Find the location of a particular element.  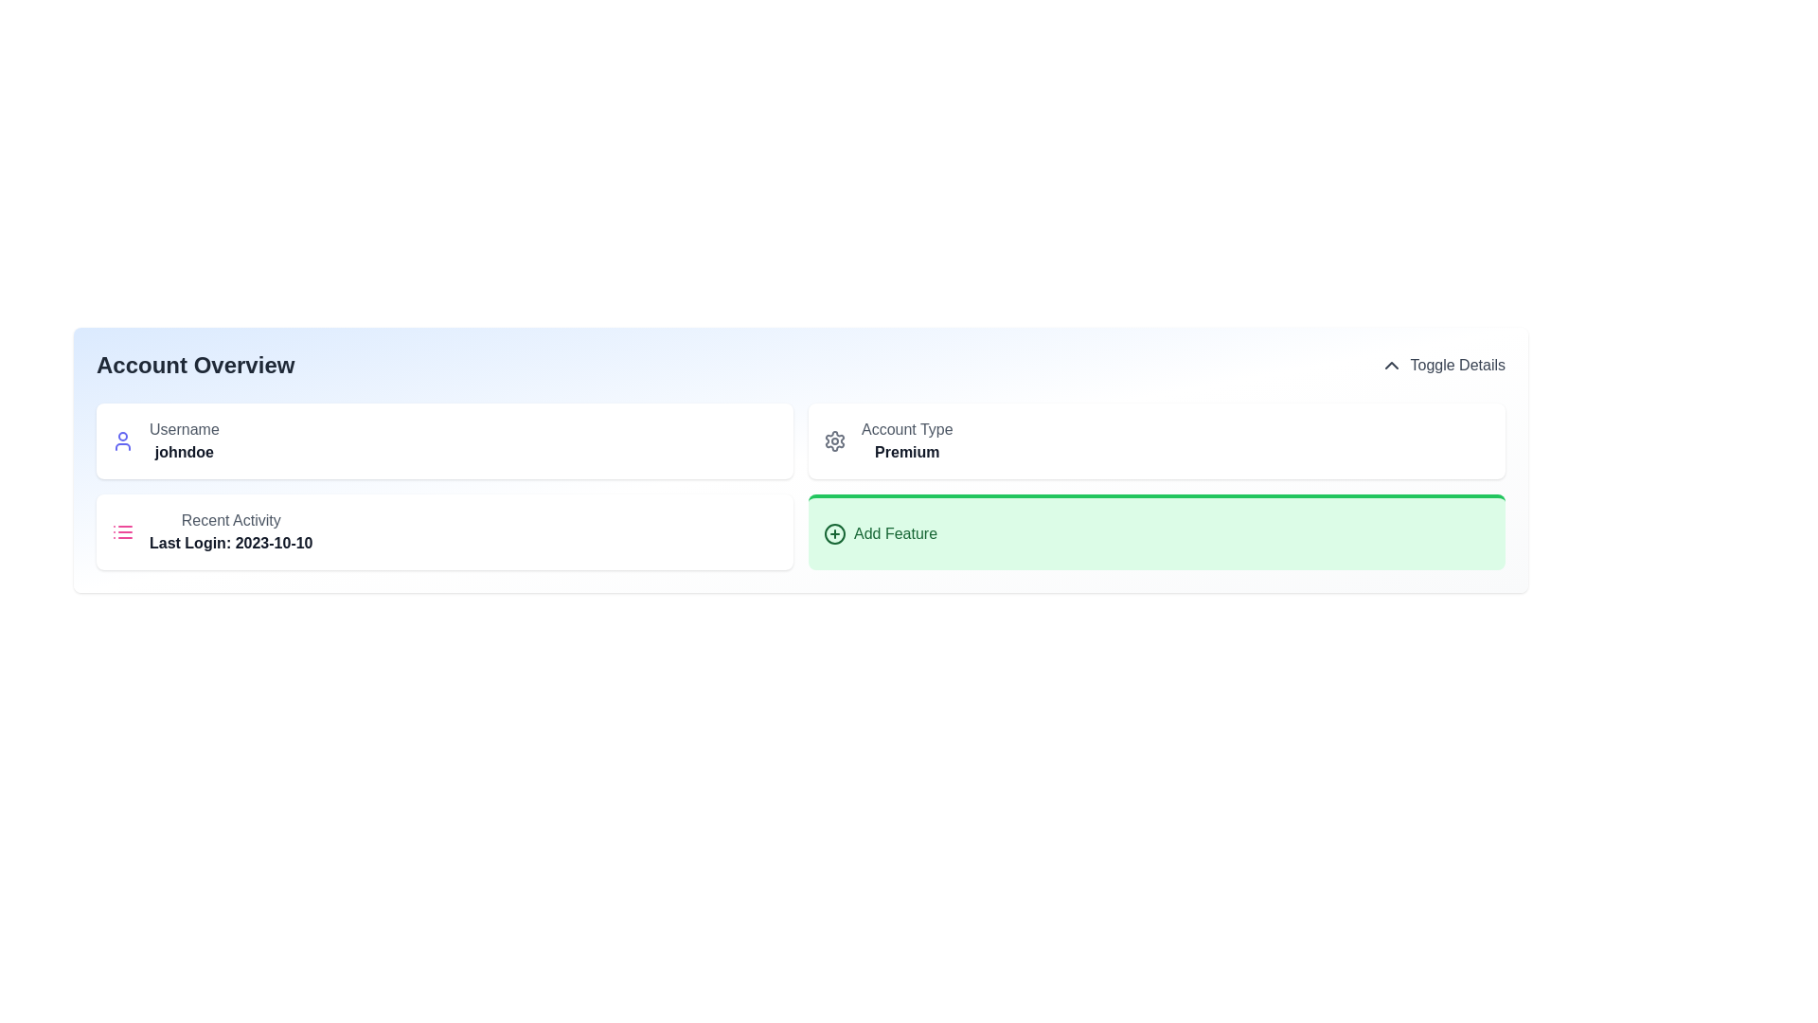

the 'Account Type' label that displays 'Premium' in a bold, dark gray font within a rectangular card in the upper right section of the interface is located at coordinates (906, 441).